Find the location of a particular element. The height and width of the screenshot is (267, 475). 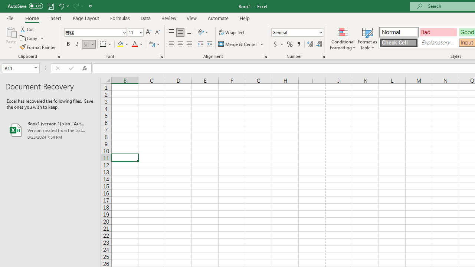

'Top Align' is located at coordinates (171, 32).